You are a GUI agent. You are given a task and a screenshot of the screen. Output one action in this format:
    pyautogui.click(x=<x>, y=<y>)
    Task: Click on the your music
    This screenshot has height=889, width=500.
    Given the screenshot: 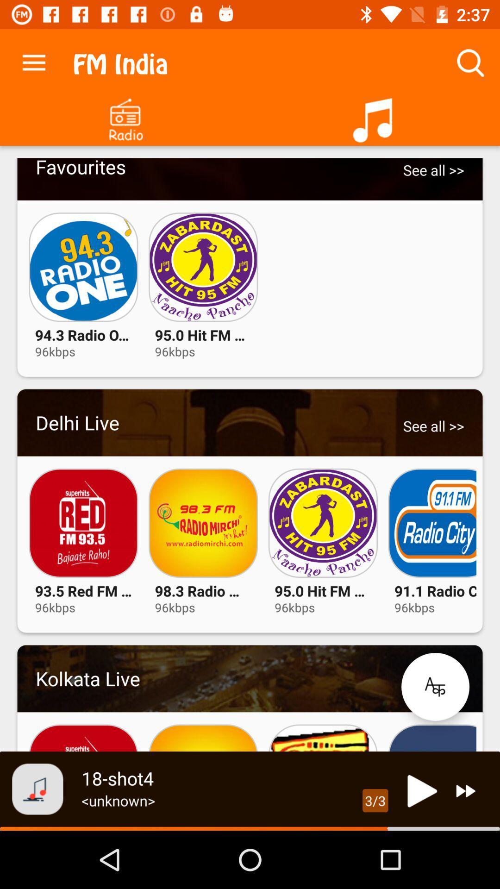 What is the action you would take?
    pyautogui.click(x=375, y=116)
    